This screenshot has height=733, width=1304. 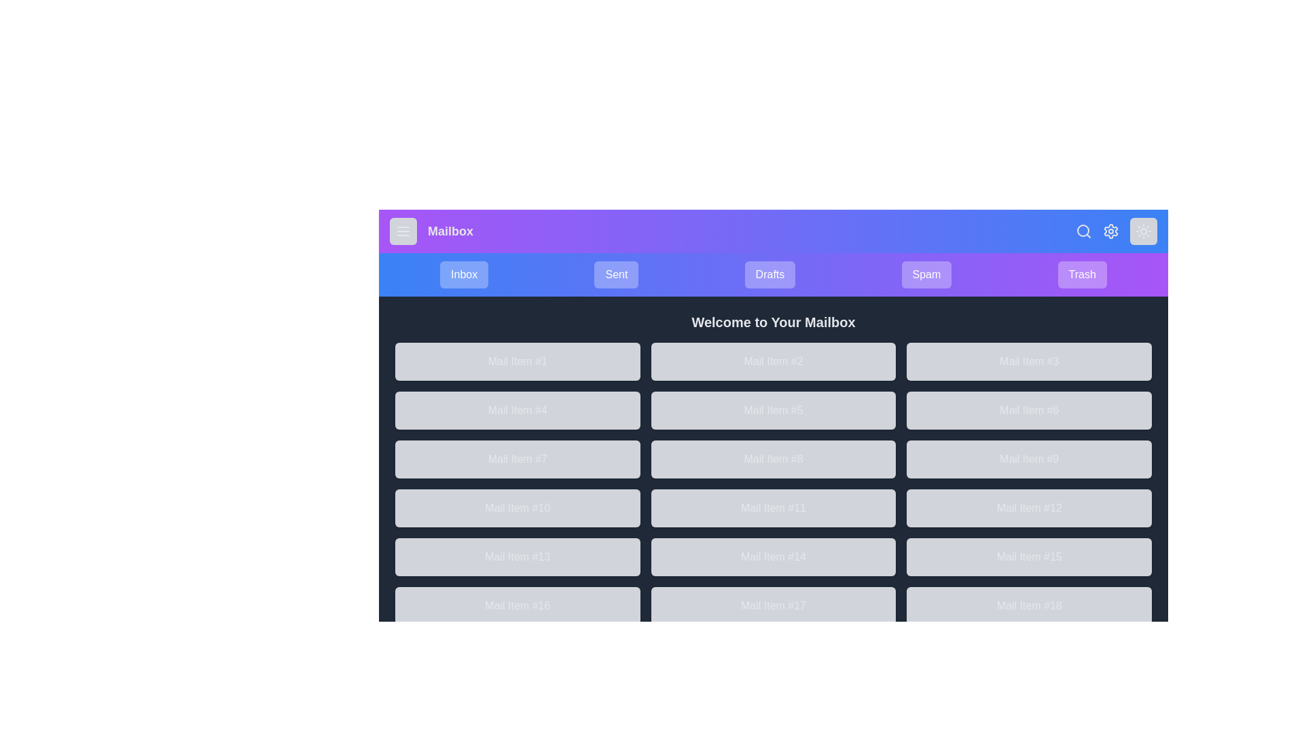 What do you see at coordinates (463, 275) in the screenshot?
I see `the mailbox category Inbox to view its contents` at bounding box center [463, 275].